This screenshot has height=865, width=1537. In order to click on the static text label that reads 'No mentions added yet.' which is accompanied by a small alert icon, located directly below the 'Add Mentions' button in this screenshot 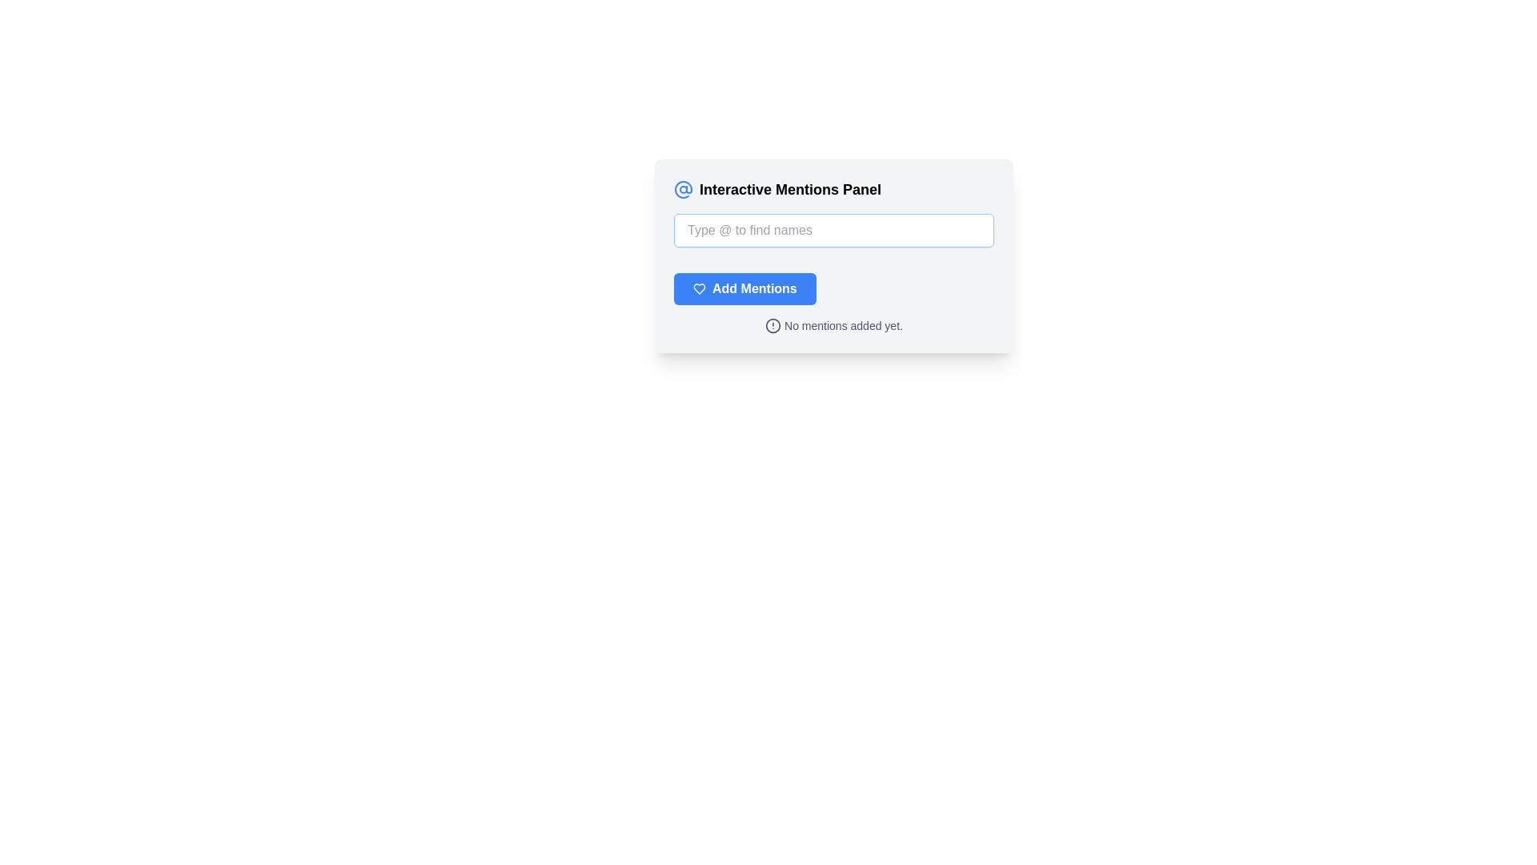, I will do `click(833, 319)`.